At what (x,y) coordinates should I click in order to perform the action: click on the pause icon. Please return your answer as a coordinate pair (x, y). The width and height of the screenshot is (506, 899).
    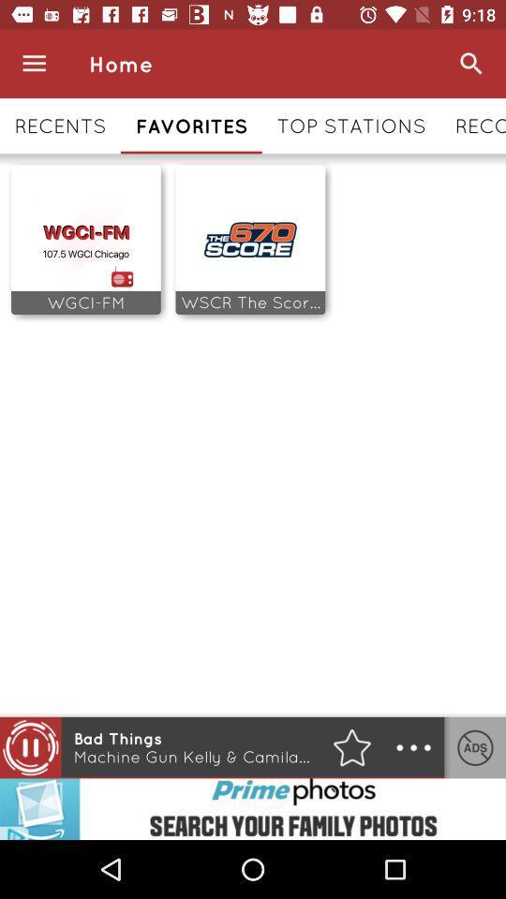
    Looking at the image, I should click on (29, 747).